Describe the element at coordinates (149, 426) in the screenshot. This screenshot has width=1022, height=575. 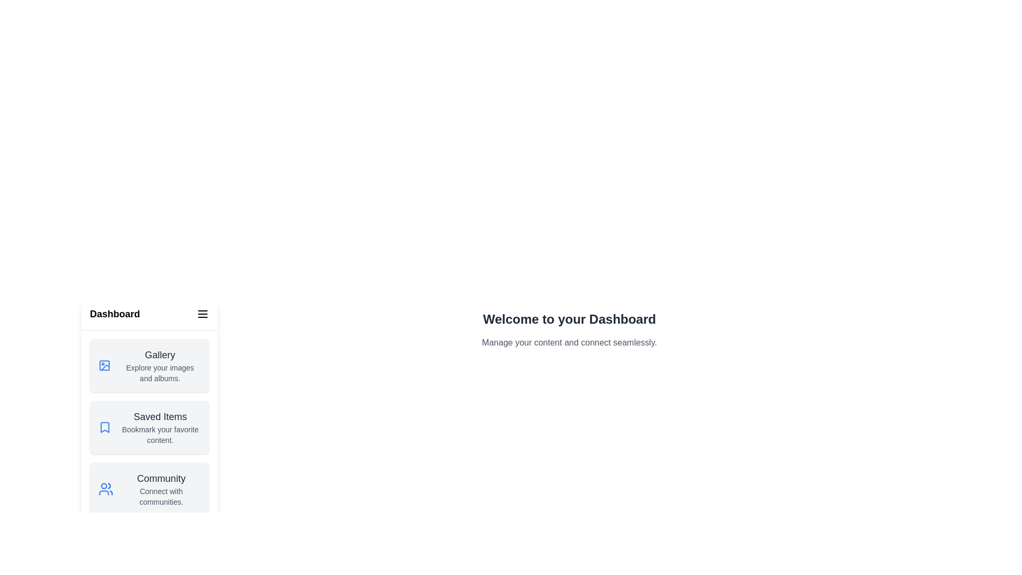
I see `the section Saved Items in the drawer` at that location.